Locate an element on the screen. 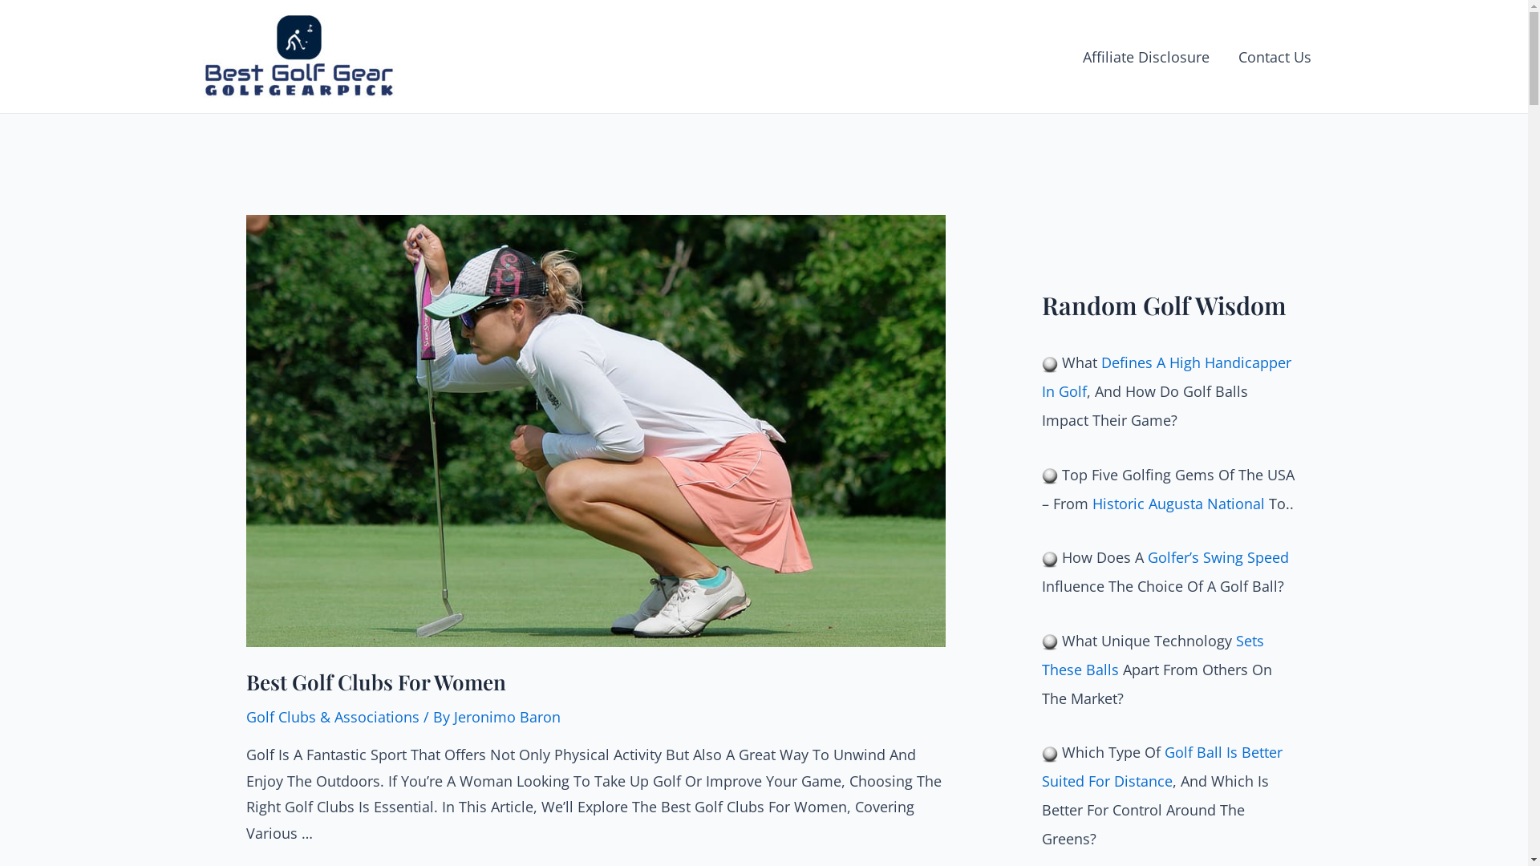  'Sets These Balls' is located at coordinates (1151, 655).